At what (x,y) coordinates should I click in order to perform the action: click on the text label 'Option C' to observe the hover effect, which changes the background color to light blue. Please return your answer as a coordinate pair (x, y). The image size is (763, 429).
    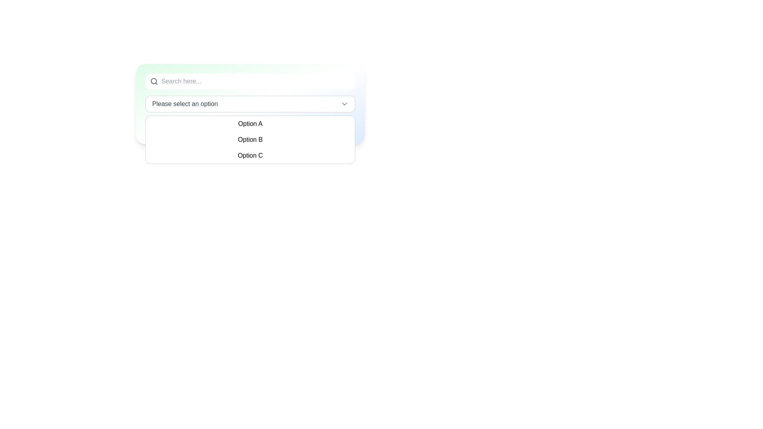
    Looking at the image, I should click on (250, 156).